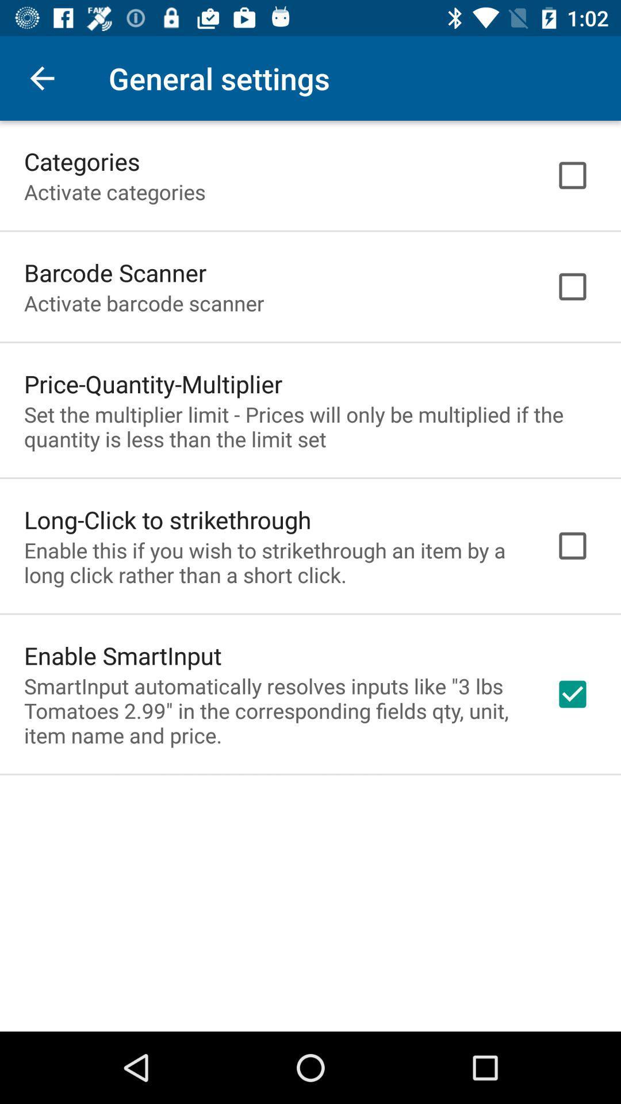 The image size is (621, 1104). I want to click on the icon below categories, so click(114, 191).